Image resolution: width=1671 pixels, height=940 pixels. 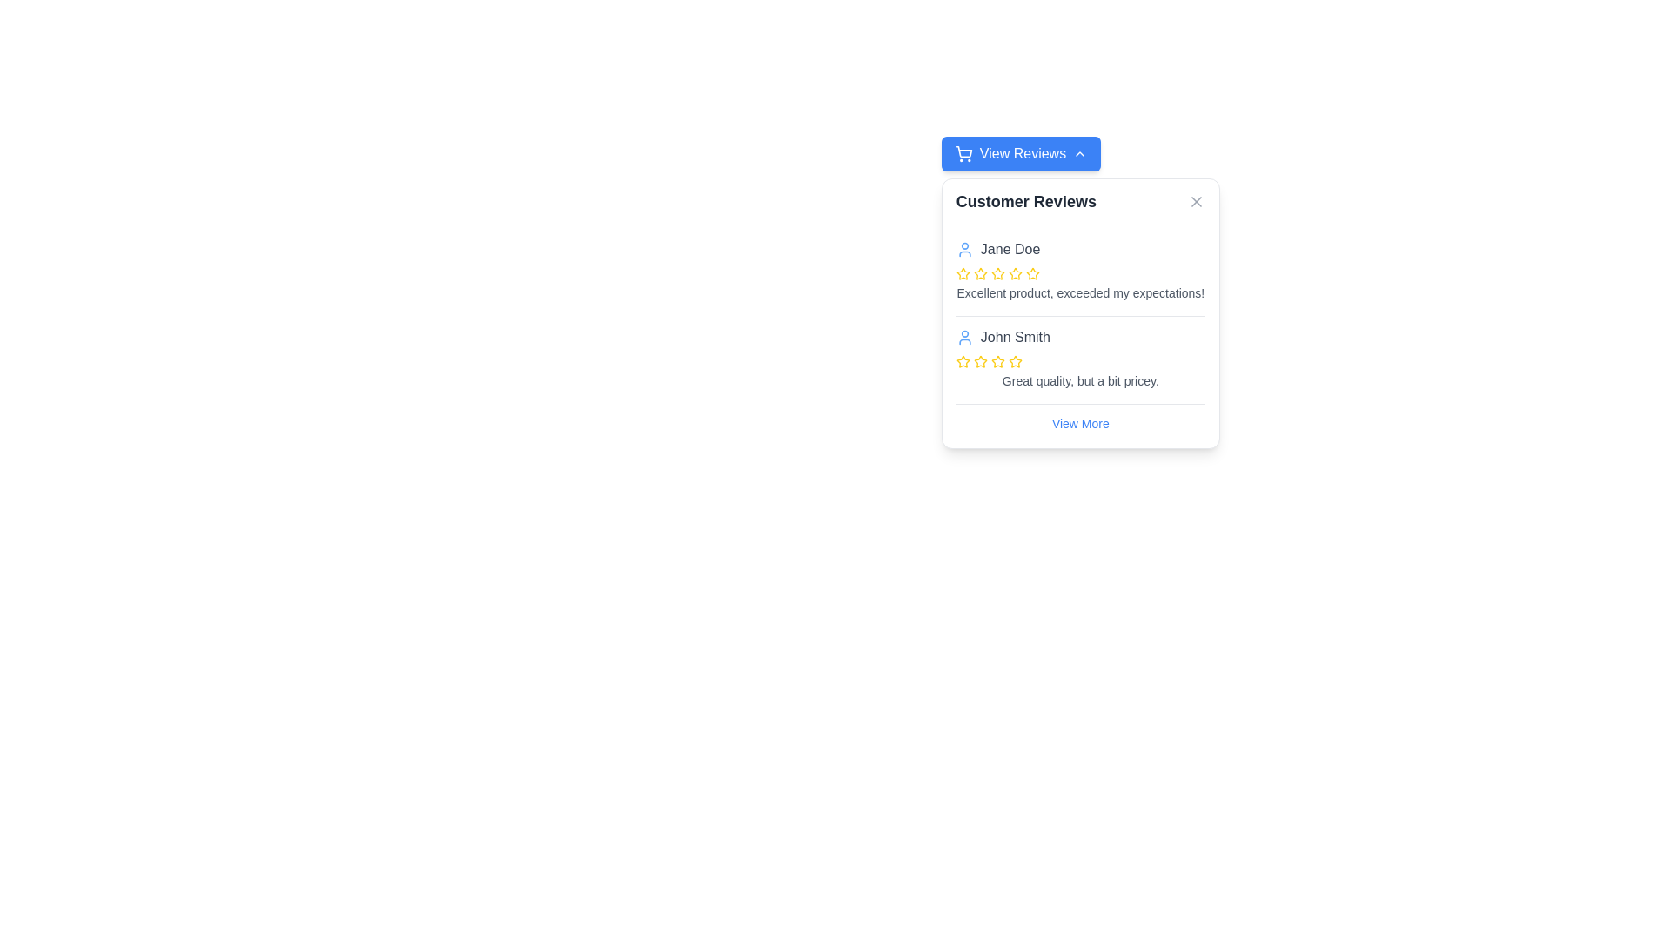 What do you see at coordinates (1015, 274) in the screenshot?
I see `the fifth star icon in the rating system for 'Jane Doe' under the 'Customer Reviews' section to set the rating to five` at bounding box center [1015, 274].